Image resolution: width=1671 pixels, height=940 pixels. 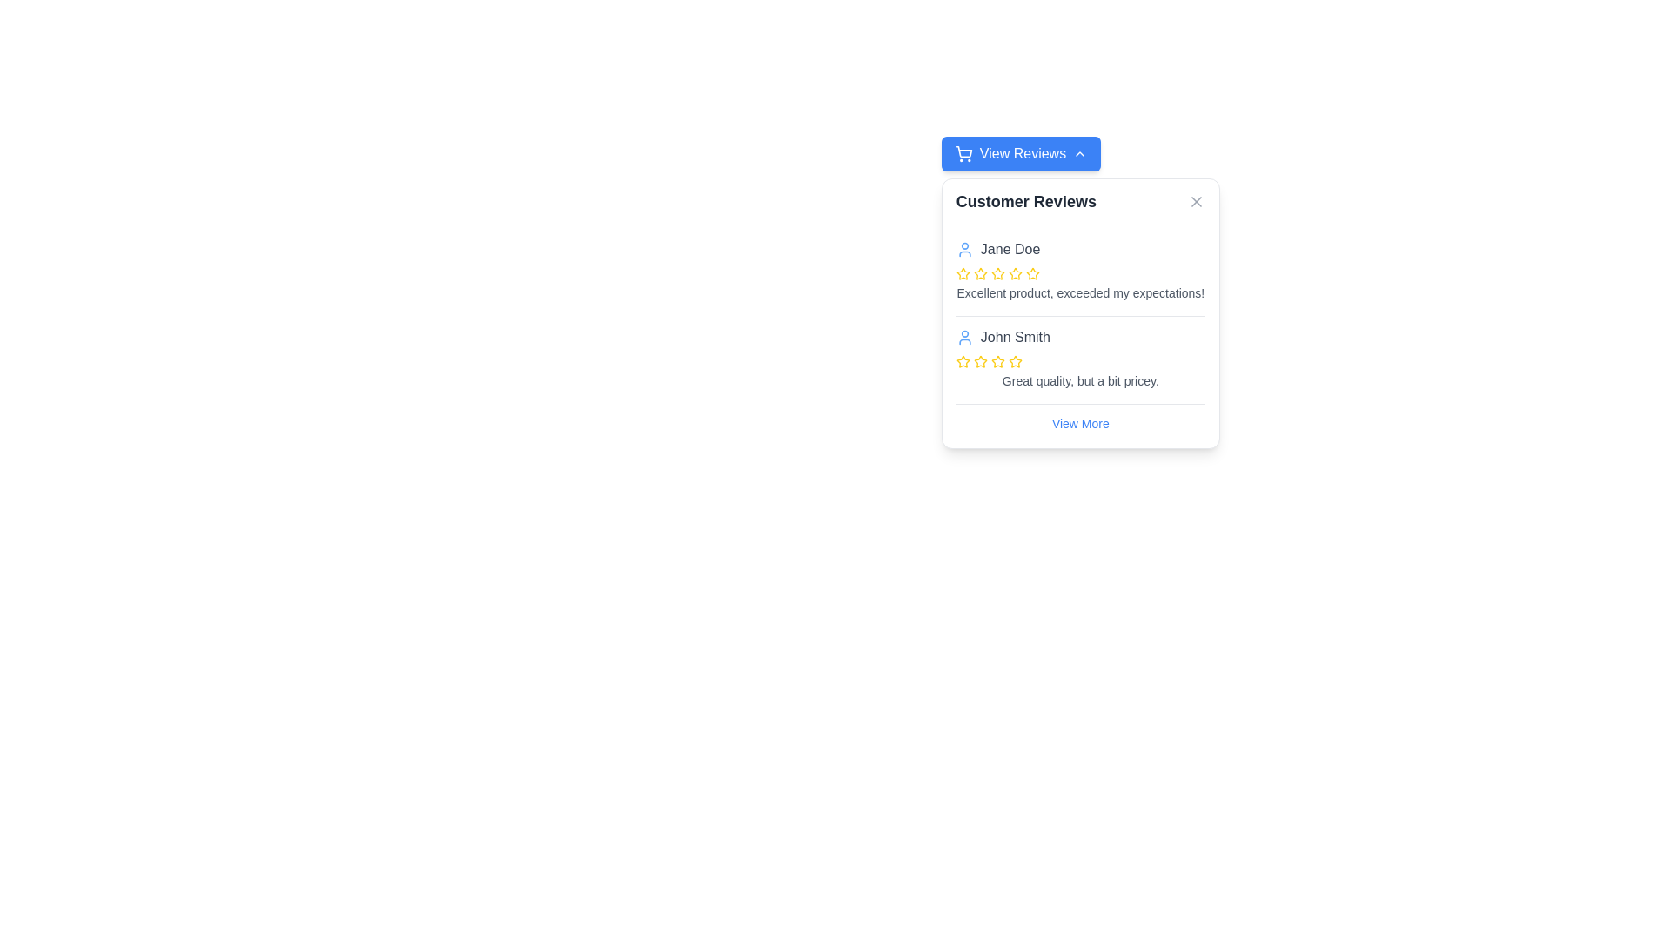 What do you see at coordinates (1015, 274) in the screenshot?
I see `the fifth star icon in the rating system for 'Jane Doe' under the 'Customer Reviews' section to set the rating to five` at bounding box center [1015, 274].